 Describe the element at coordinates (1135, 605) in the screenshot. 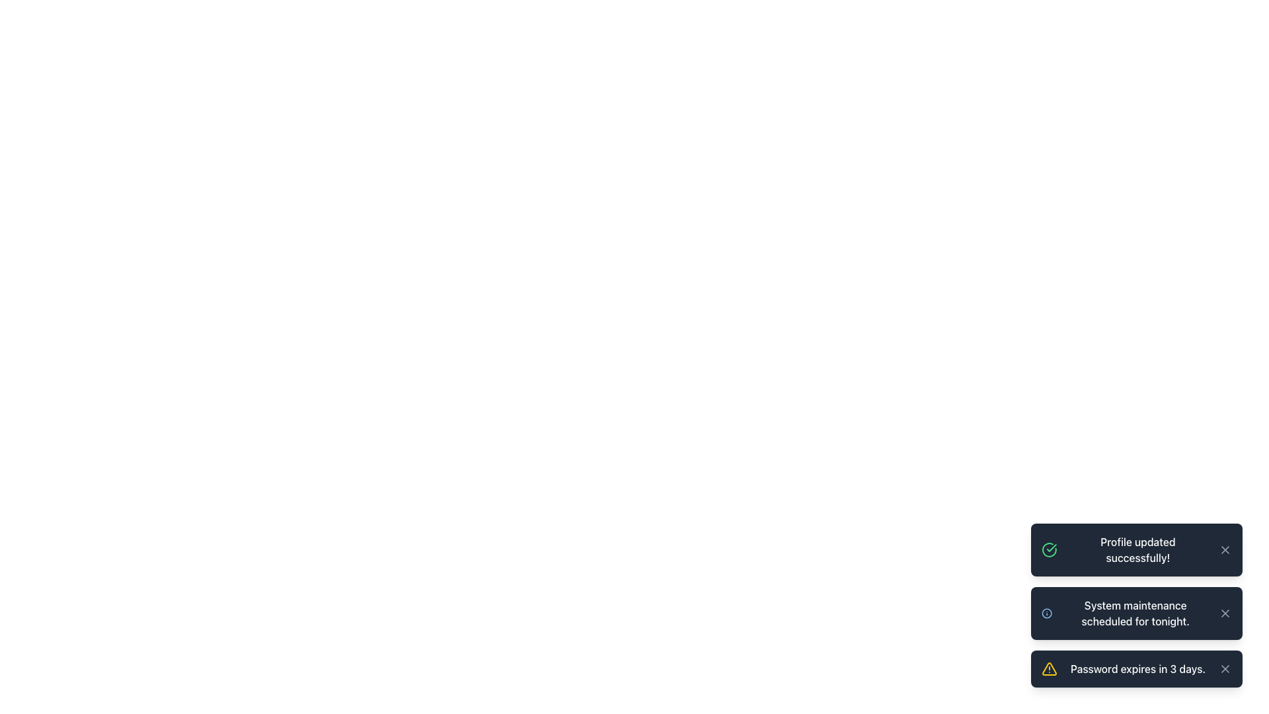

I see `the notification items located in the Notification panel at the bottom-right corner of the viewport` at that location.